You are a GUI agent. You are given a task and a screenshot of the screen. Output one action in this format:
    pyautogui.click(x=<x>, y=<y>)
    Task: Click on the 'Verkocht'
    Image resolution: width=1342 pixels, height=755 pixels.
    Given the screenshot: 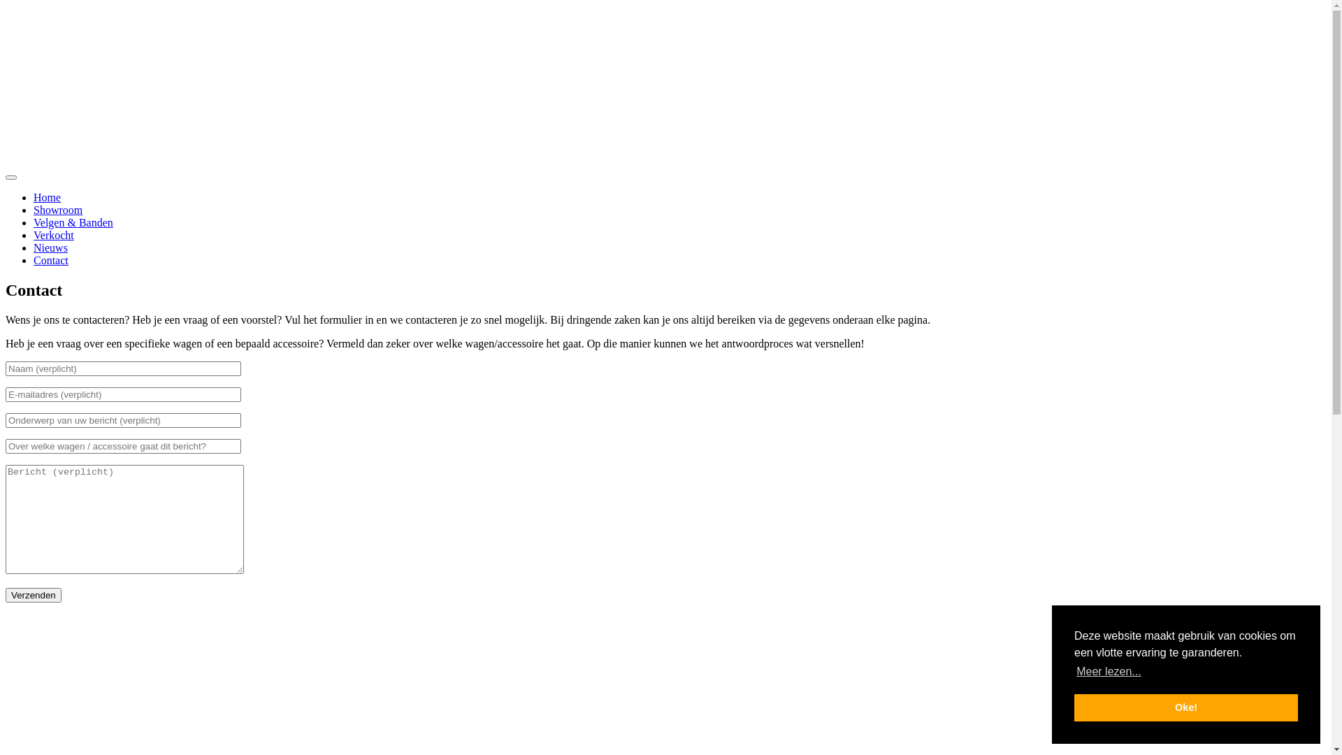 What is the action you would take?
    pyautogui.click(x=53, y=234)
    